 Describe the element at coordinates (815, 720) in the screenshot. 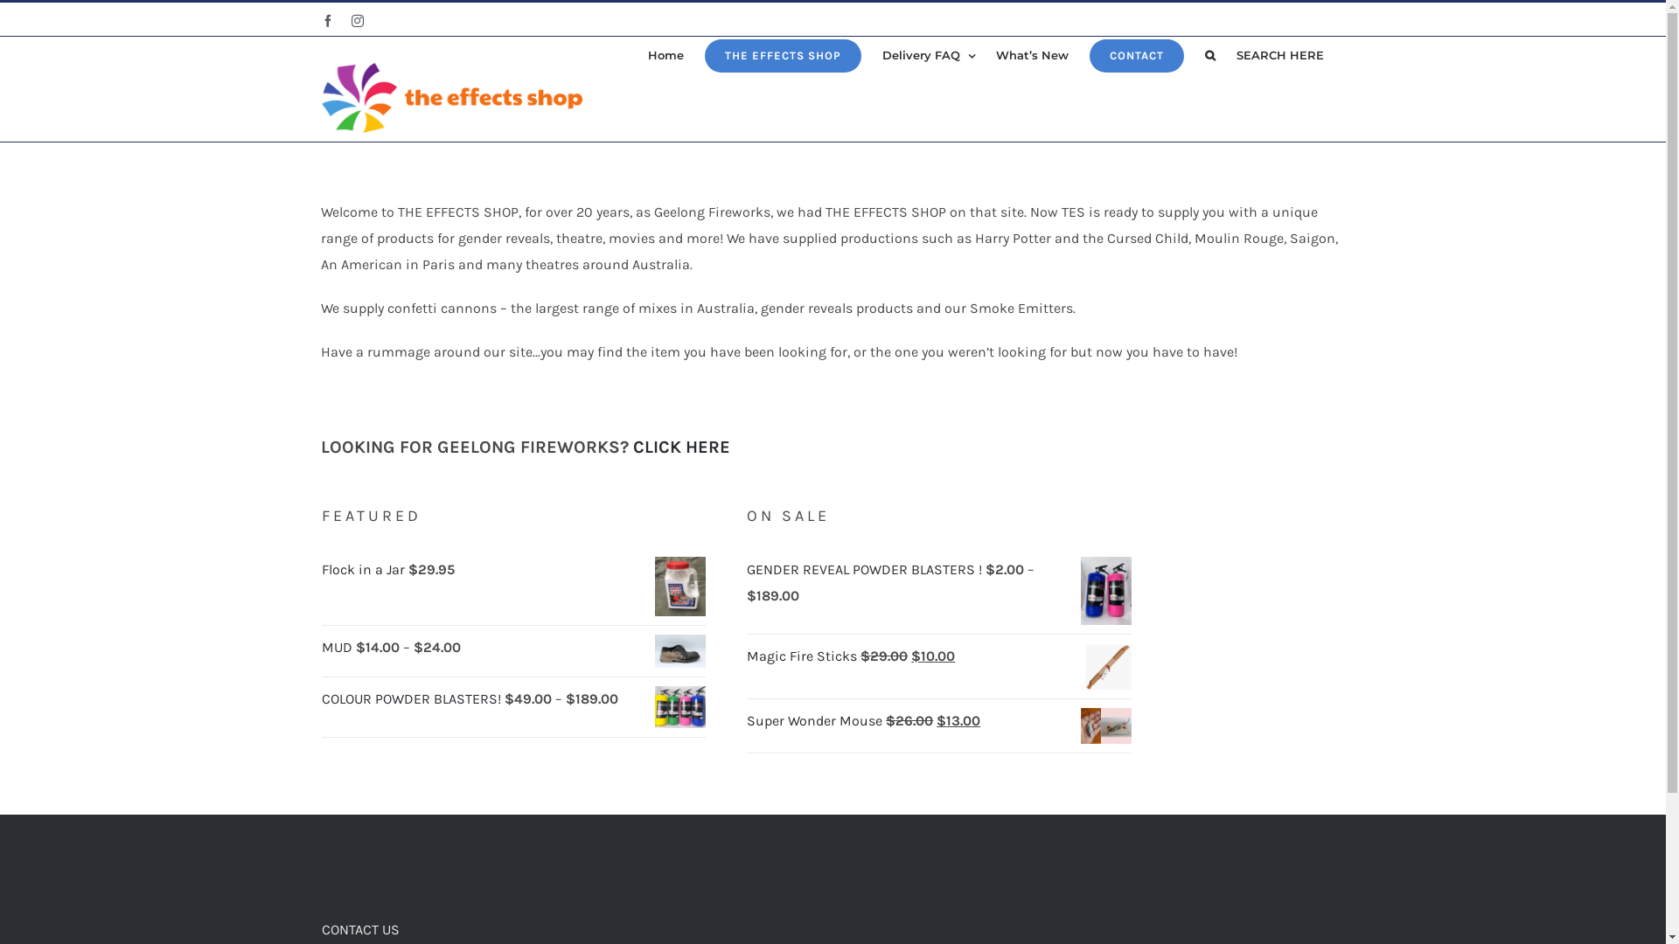

I see `'Super Wonder Mouse'` at that location.